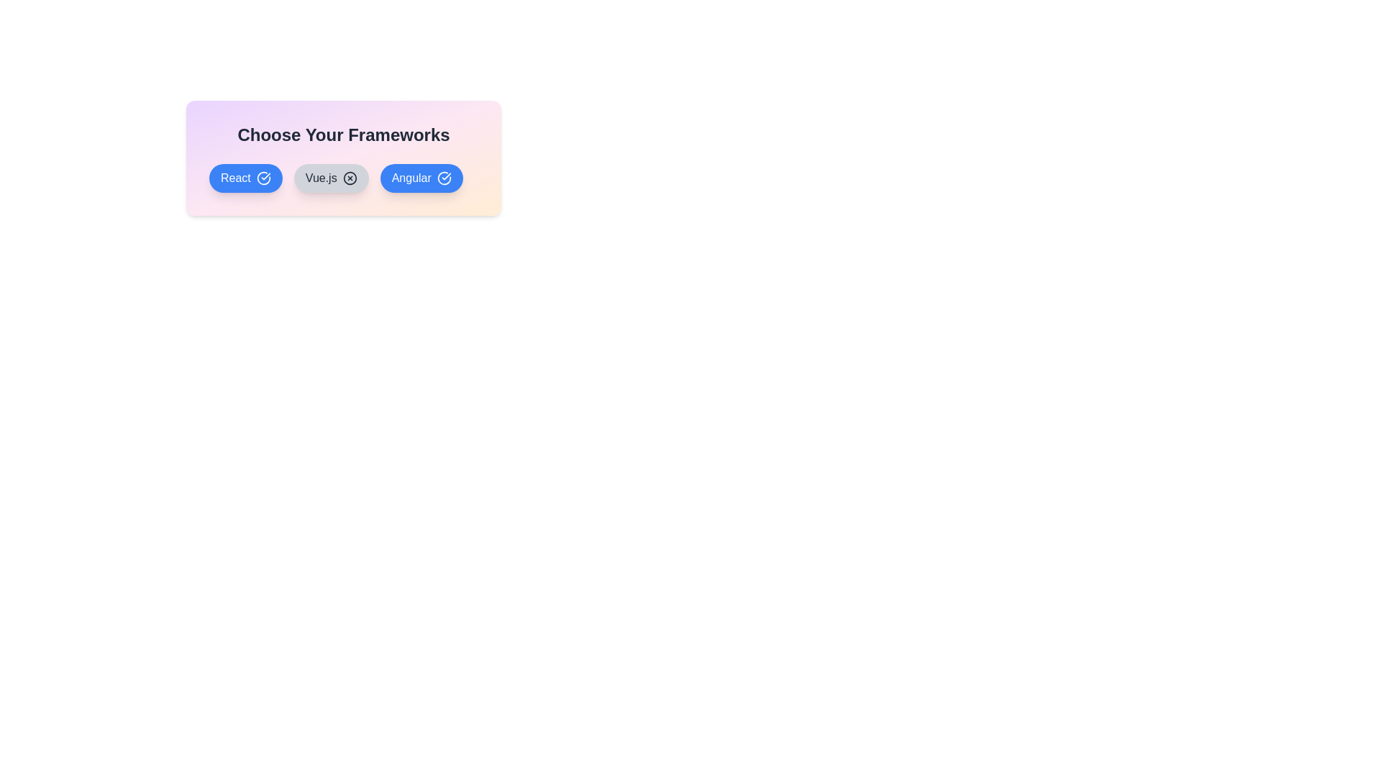  I want to click on the text label of the chip labeled React, so click(245, 177).